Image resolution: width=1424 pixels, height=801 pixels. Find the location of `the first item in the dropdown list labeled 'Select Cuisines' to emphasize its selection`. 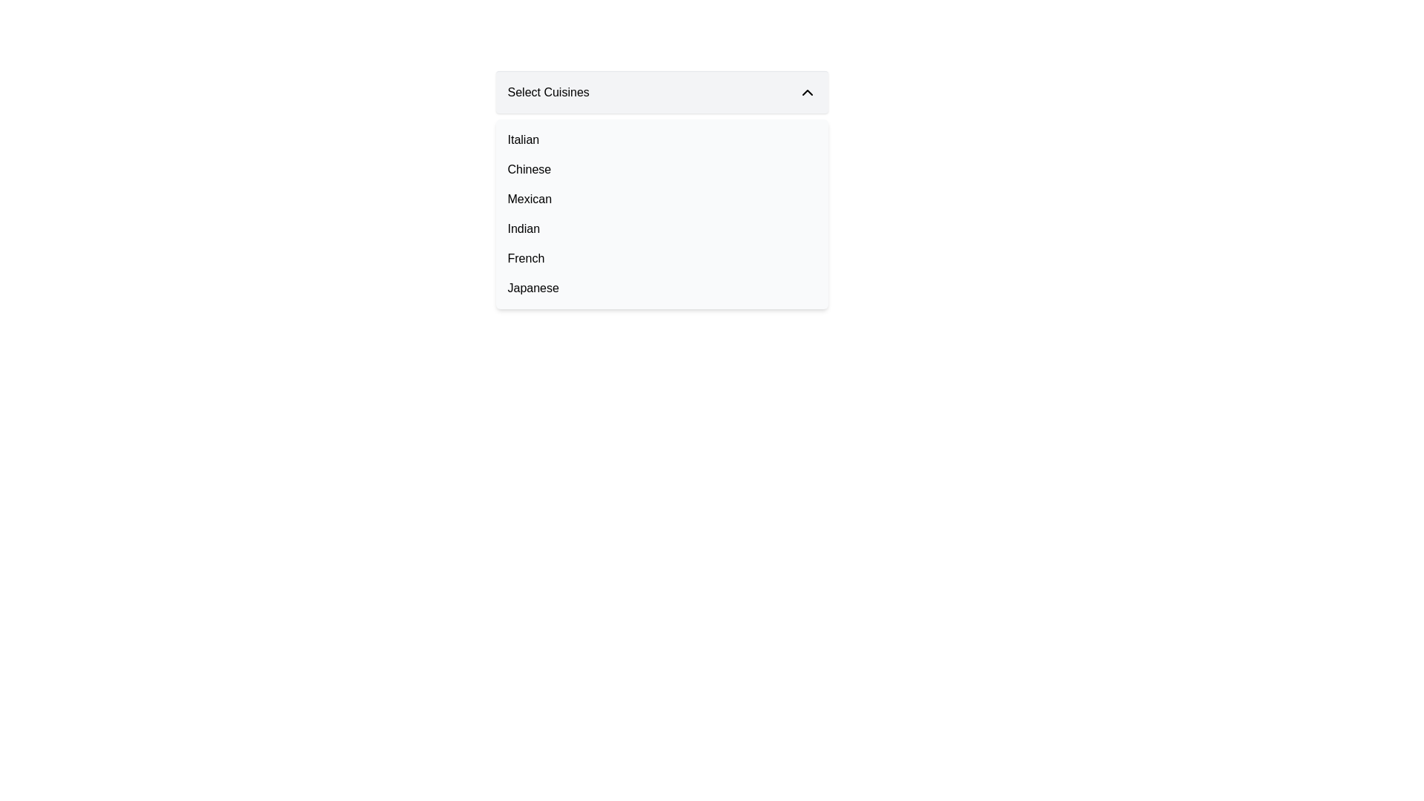

the first item in the dropdown list labeled 'Select Cuisines' to emphasize its selection is located at coordinates (661, 140).